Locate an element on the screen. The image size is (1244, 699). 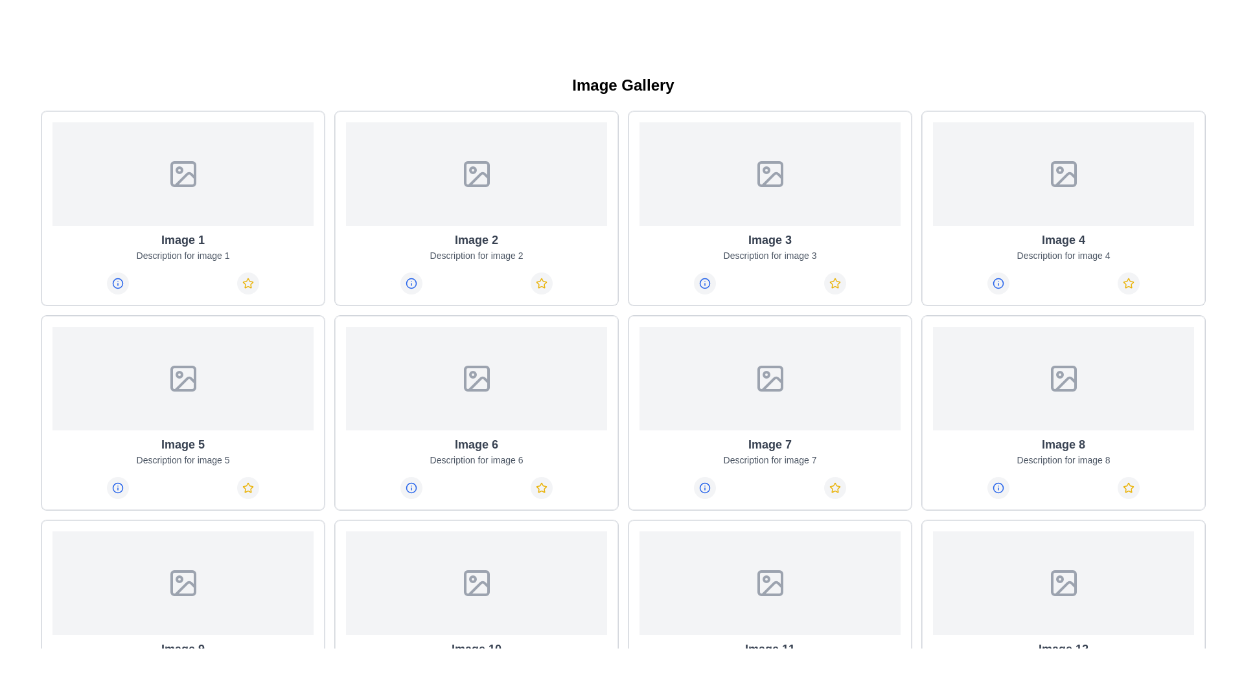
the light gray rectangle image placeholder in the third card of the first row is located at coordinates (770, 173).